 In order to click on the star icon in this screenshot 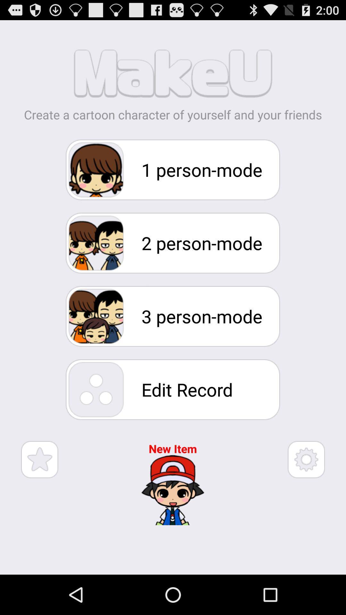, I will do `click(39, 491)`.